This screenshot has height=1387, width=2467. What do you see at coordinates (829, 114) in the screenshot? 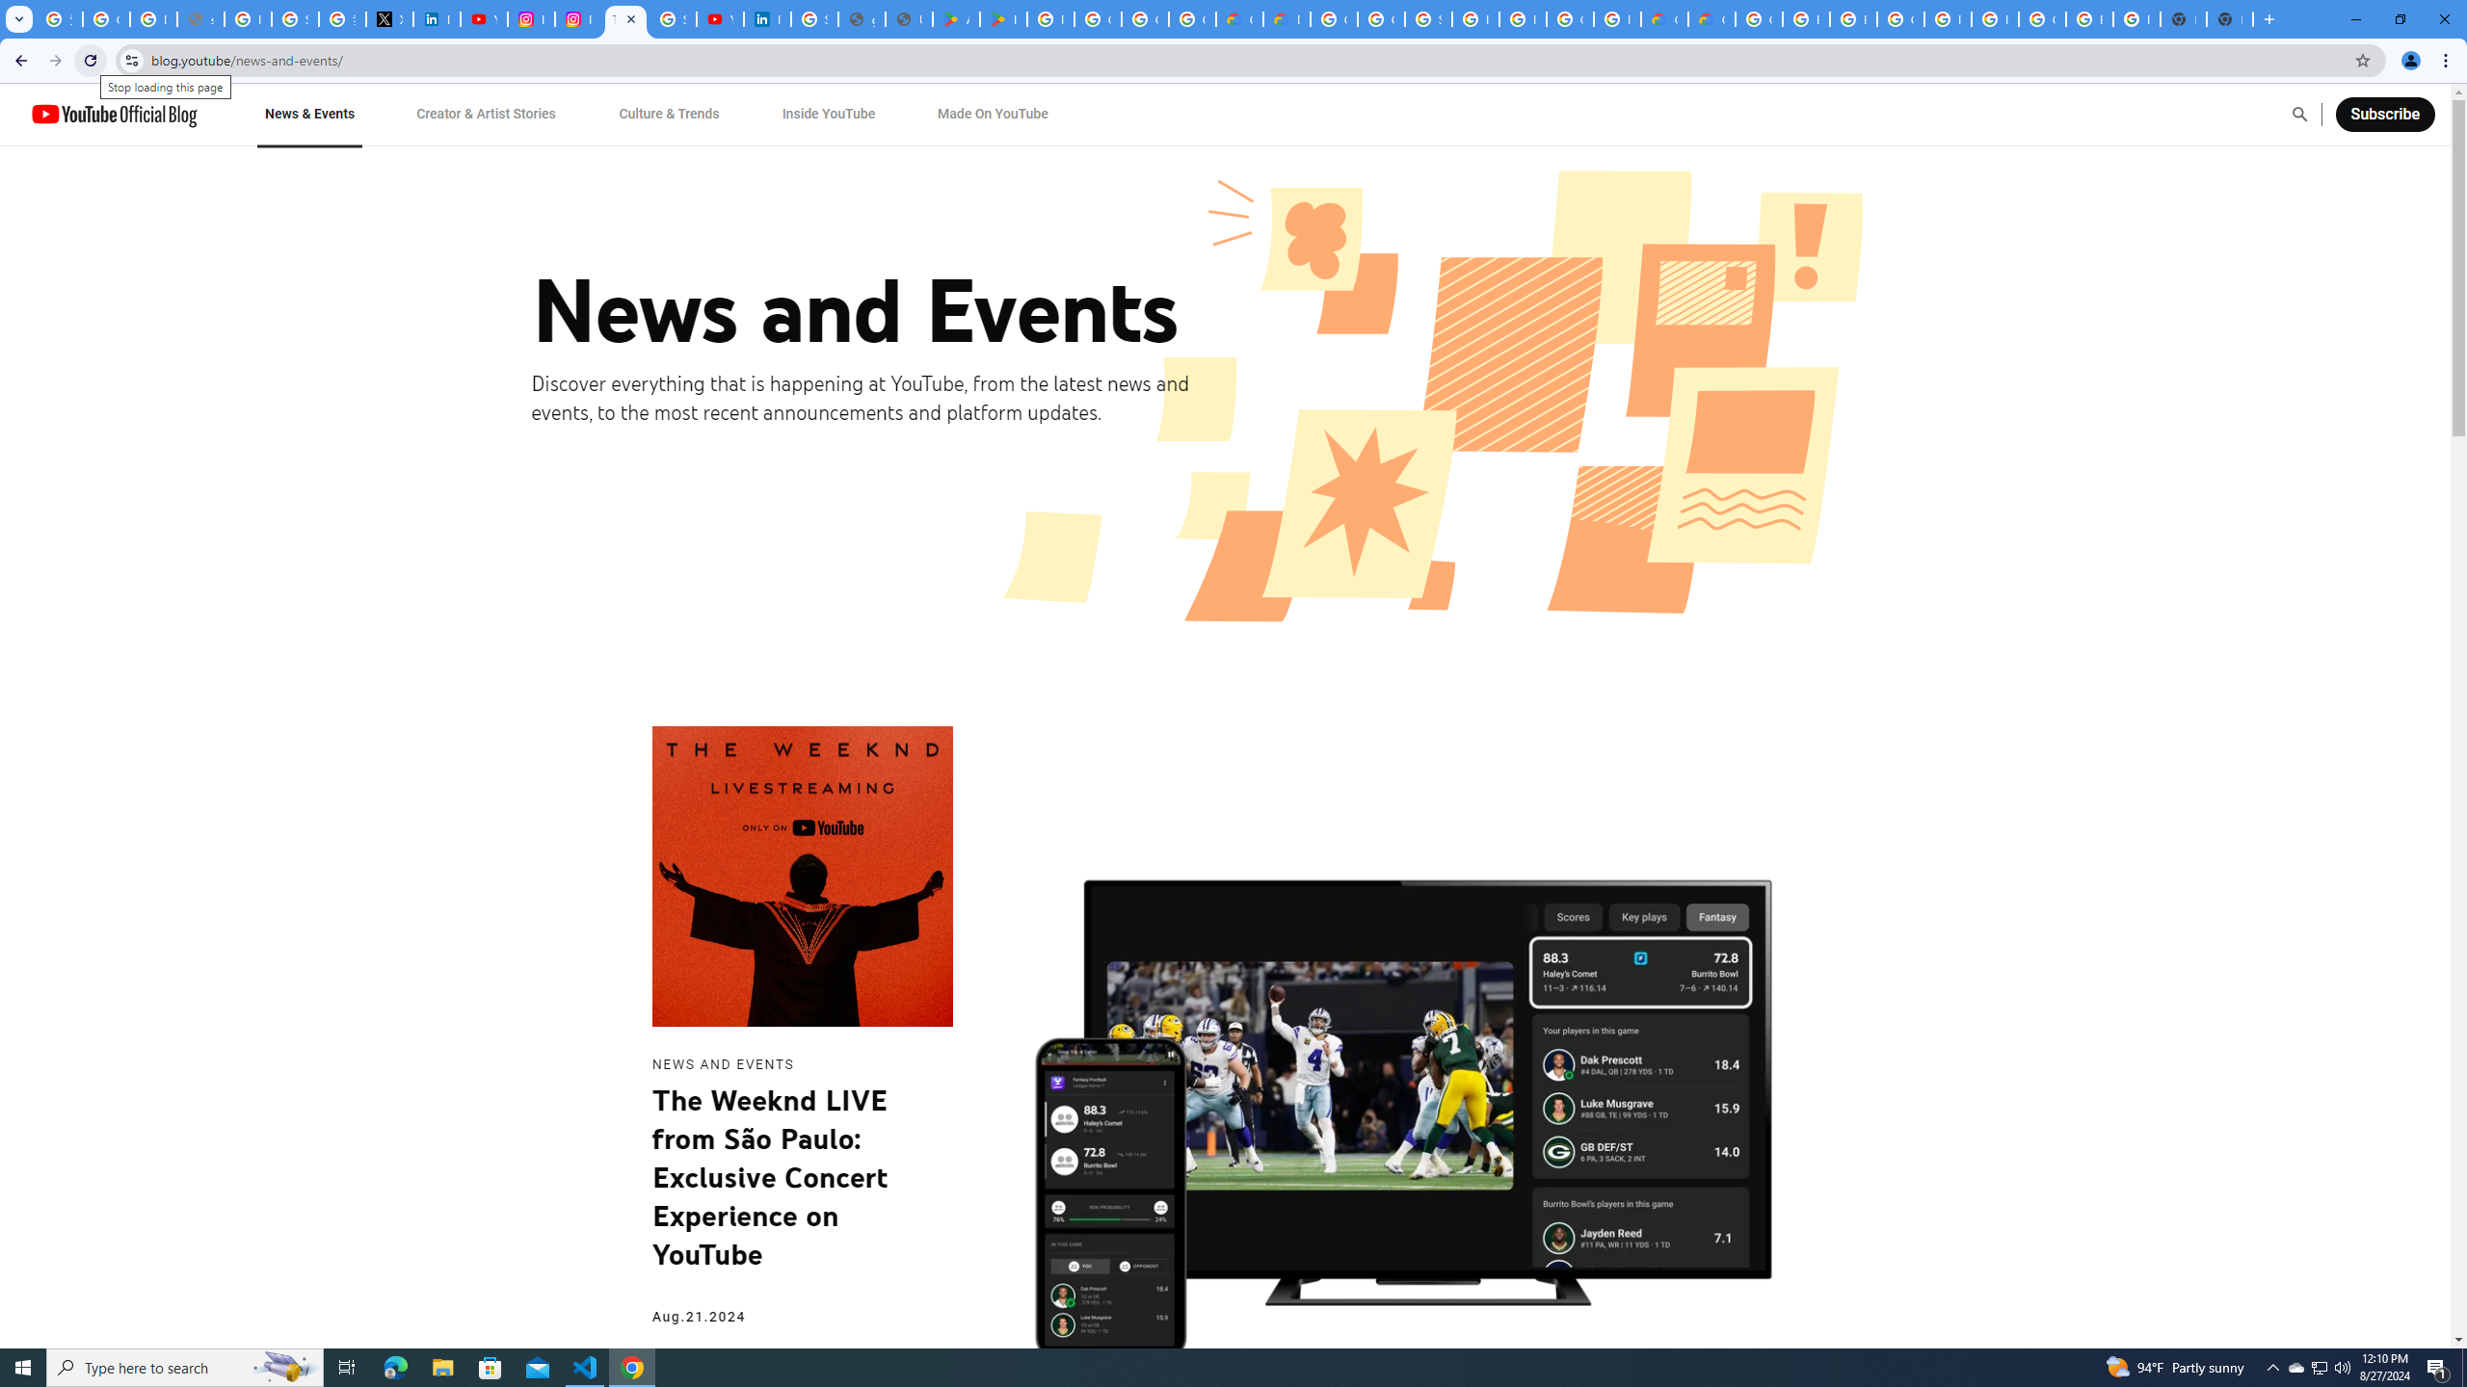
I see `'Inside YouTube'` at bounding box center [829, 114].